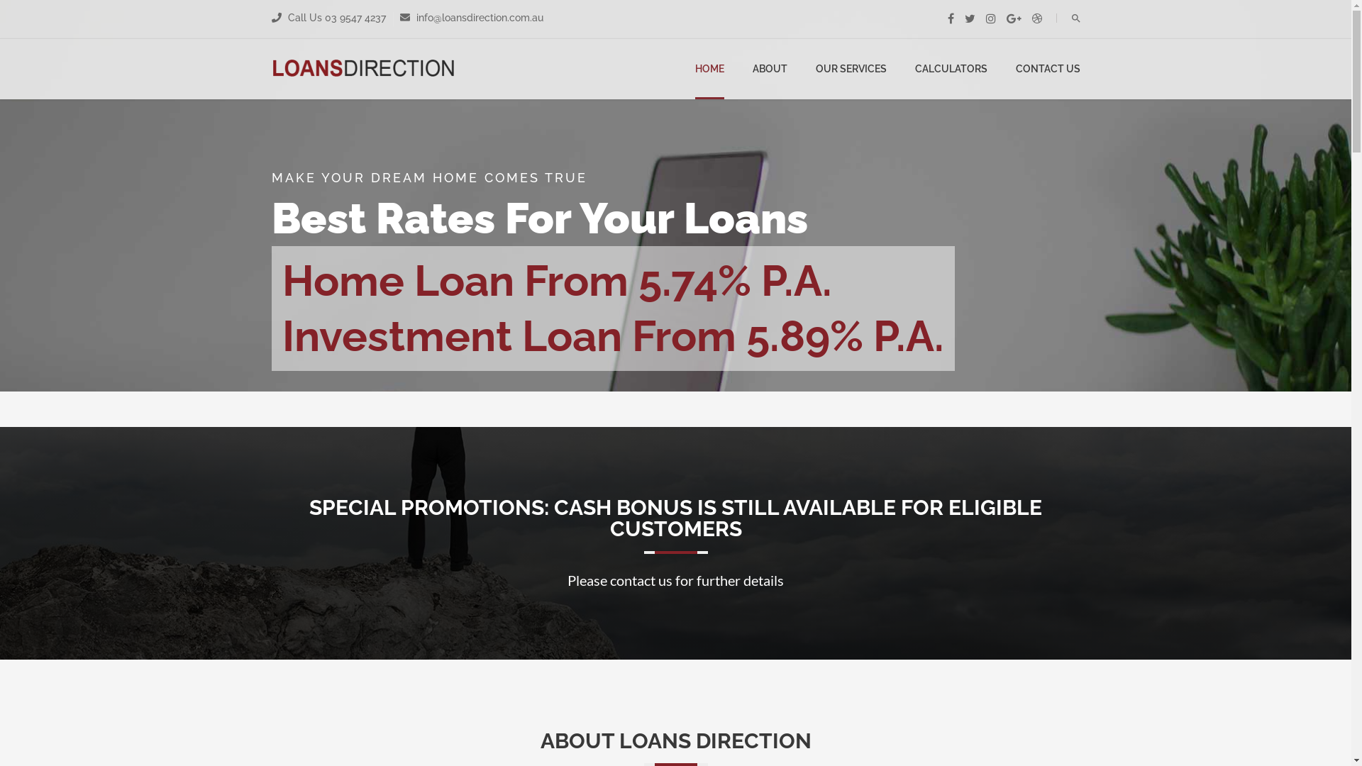 This screenshot has width=1362, height=766. Describe the element at coordinates (768, 69) in the screenshot. I see `'ABOUT'` at that location.